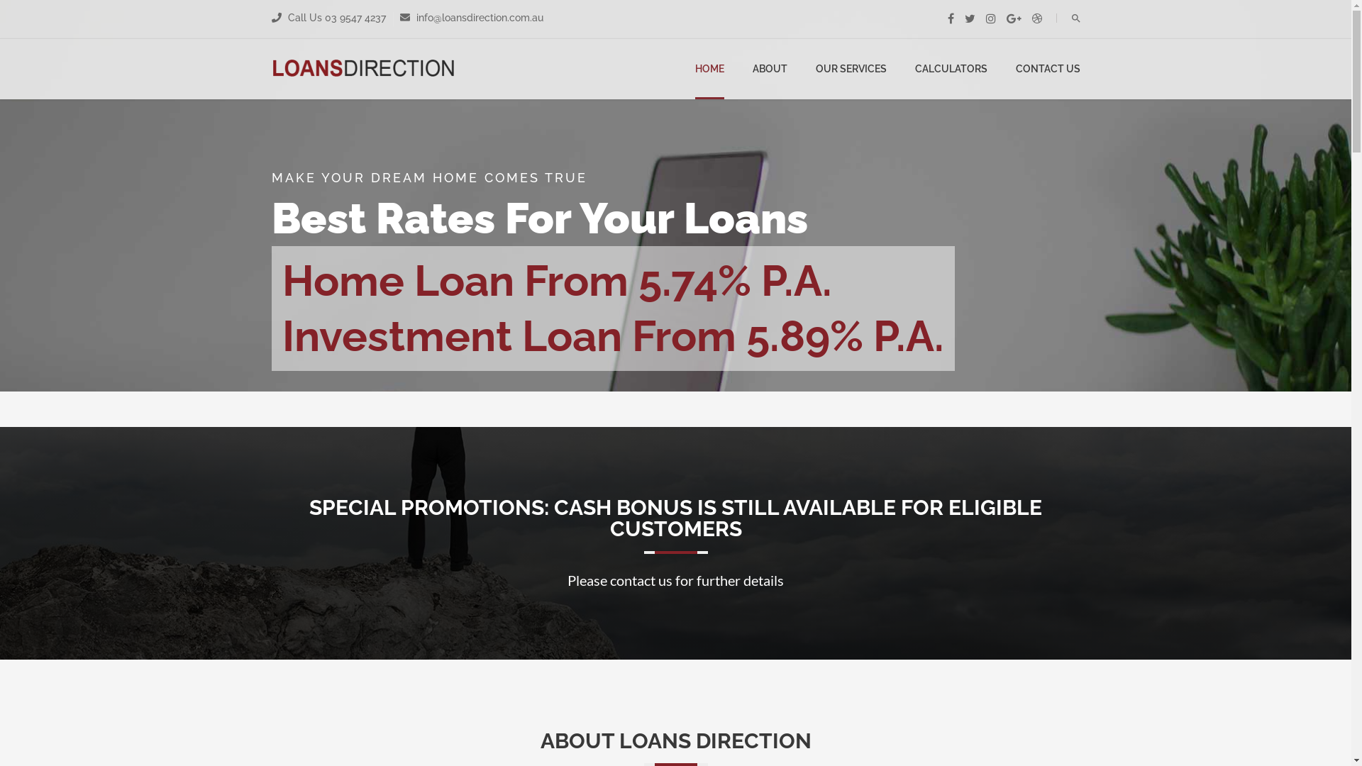 This screenshot has width=1362, height=766. Describe the element at coordinates (768, 69) in the screenshot. I see `'ABOUT'` at that location.